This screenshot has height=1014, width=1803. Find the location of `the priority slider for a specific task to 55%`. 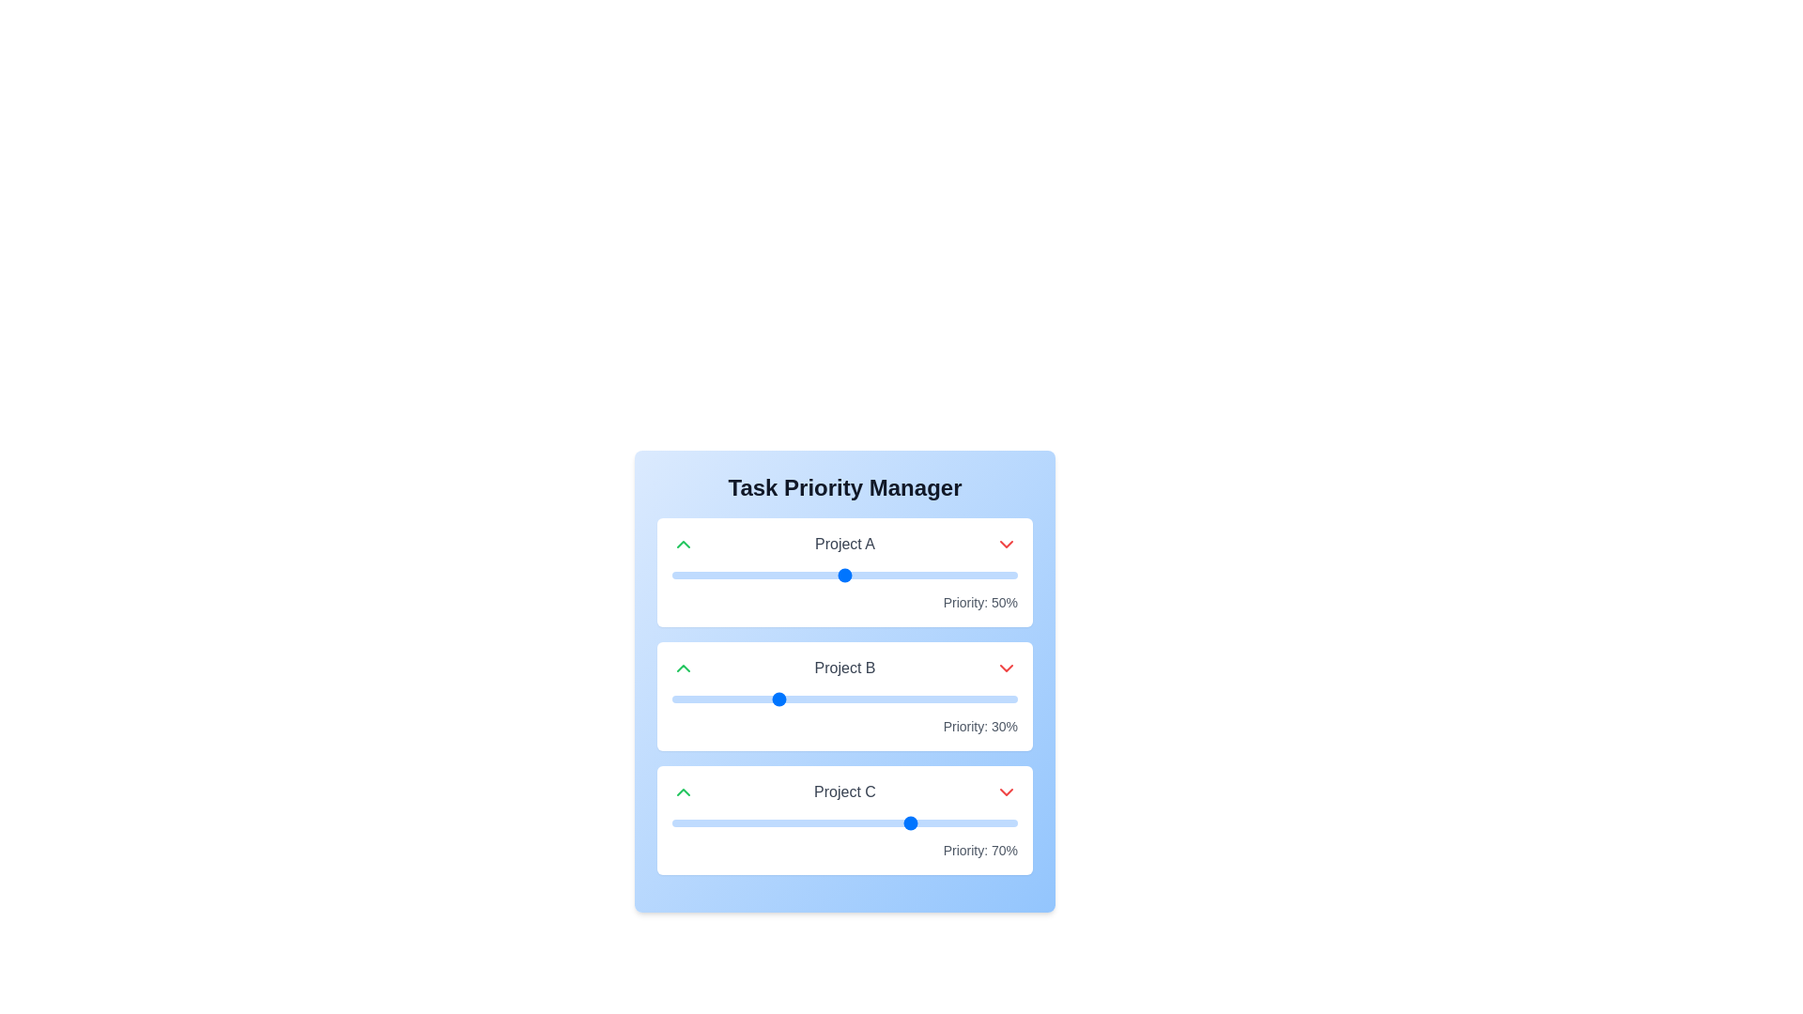

the priority slider for a specific task to 55% is located at coordinates (861, 575).